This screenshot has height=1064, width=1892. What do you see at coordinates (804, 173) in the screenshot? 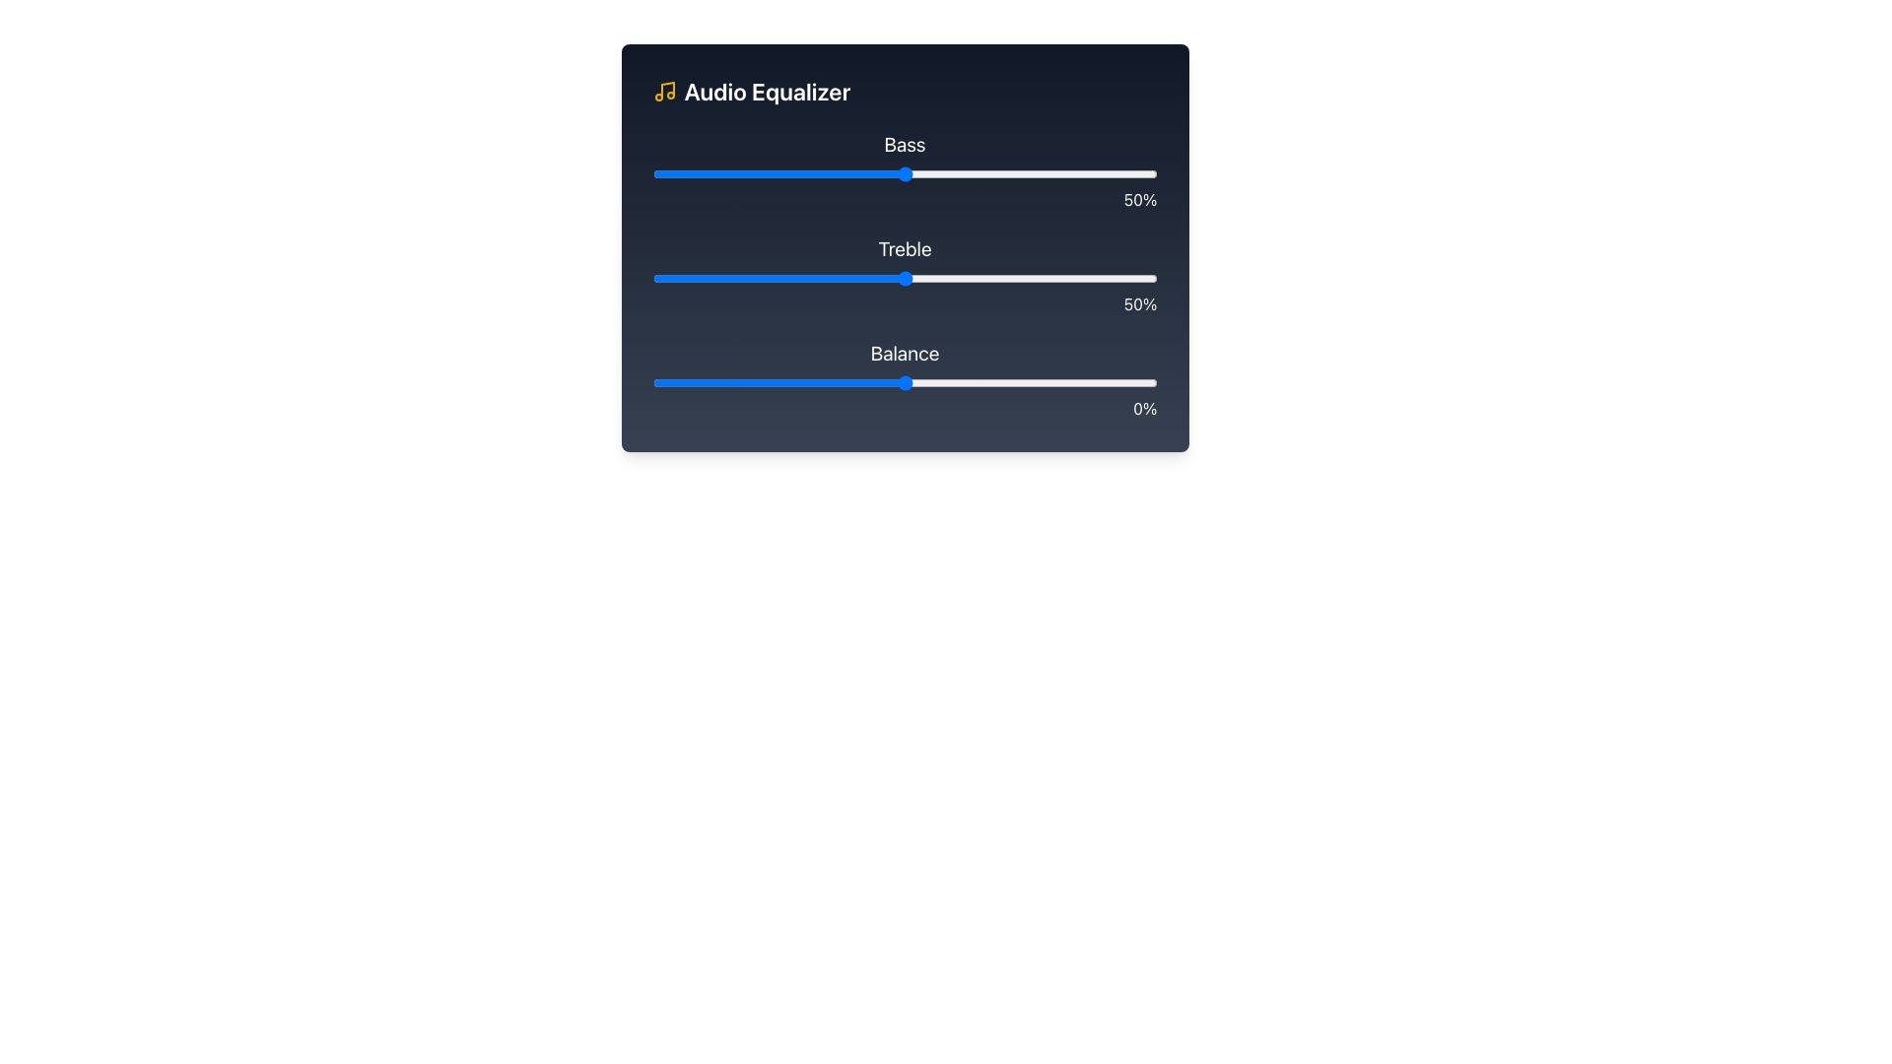
I see `the Bass level` at bounding box center [804, 173].